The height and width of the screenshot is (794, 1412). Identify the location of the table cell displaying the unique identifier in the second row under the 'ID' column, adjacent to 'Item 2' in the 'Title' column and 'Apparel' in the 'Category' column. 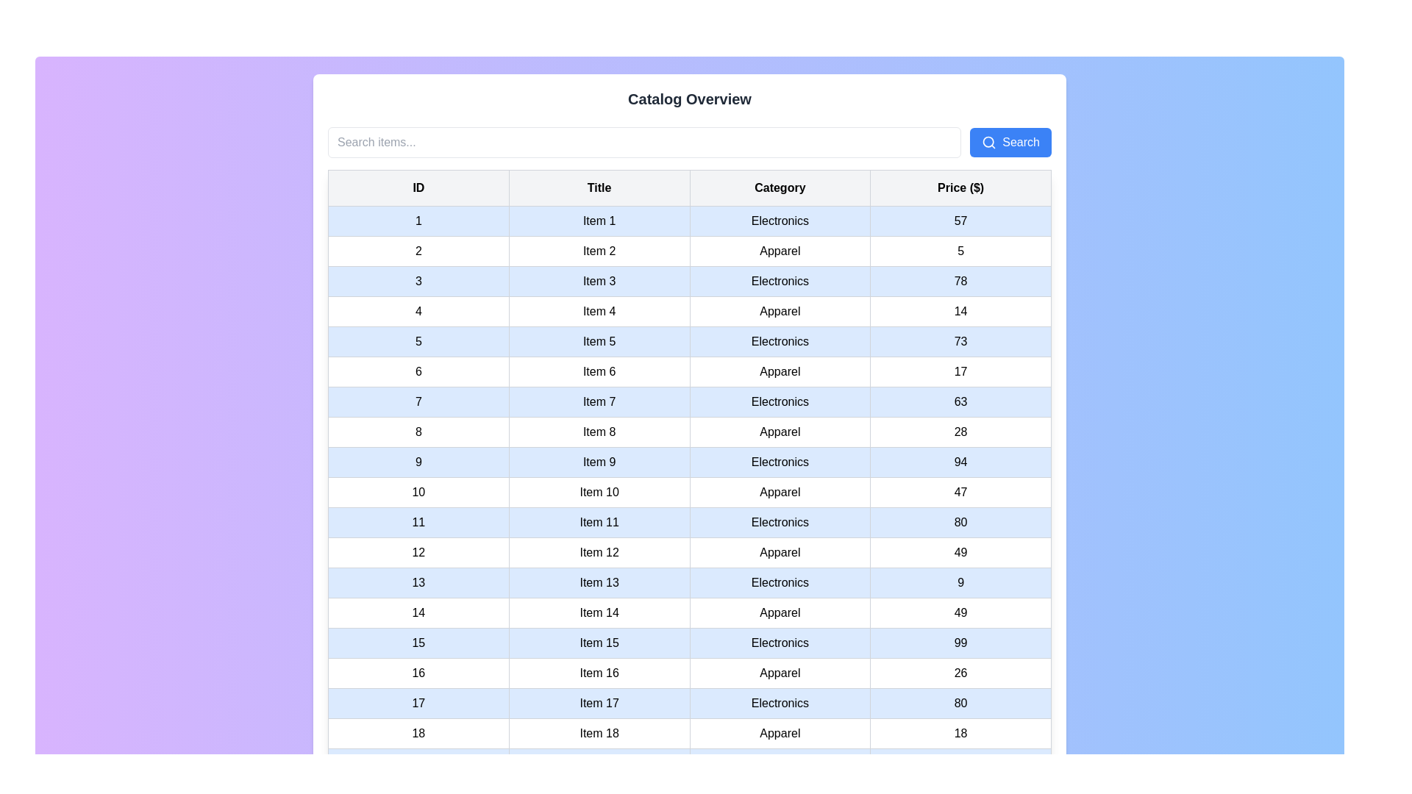
(418, 251).